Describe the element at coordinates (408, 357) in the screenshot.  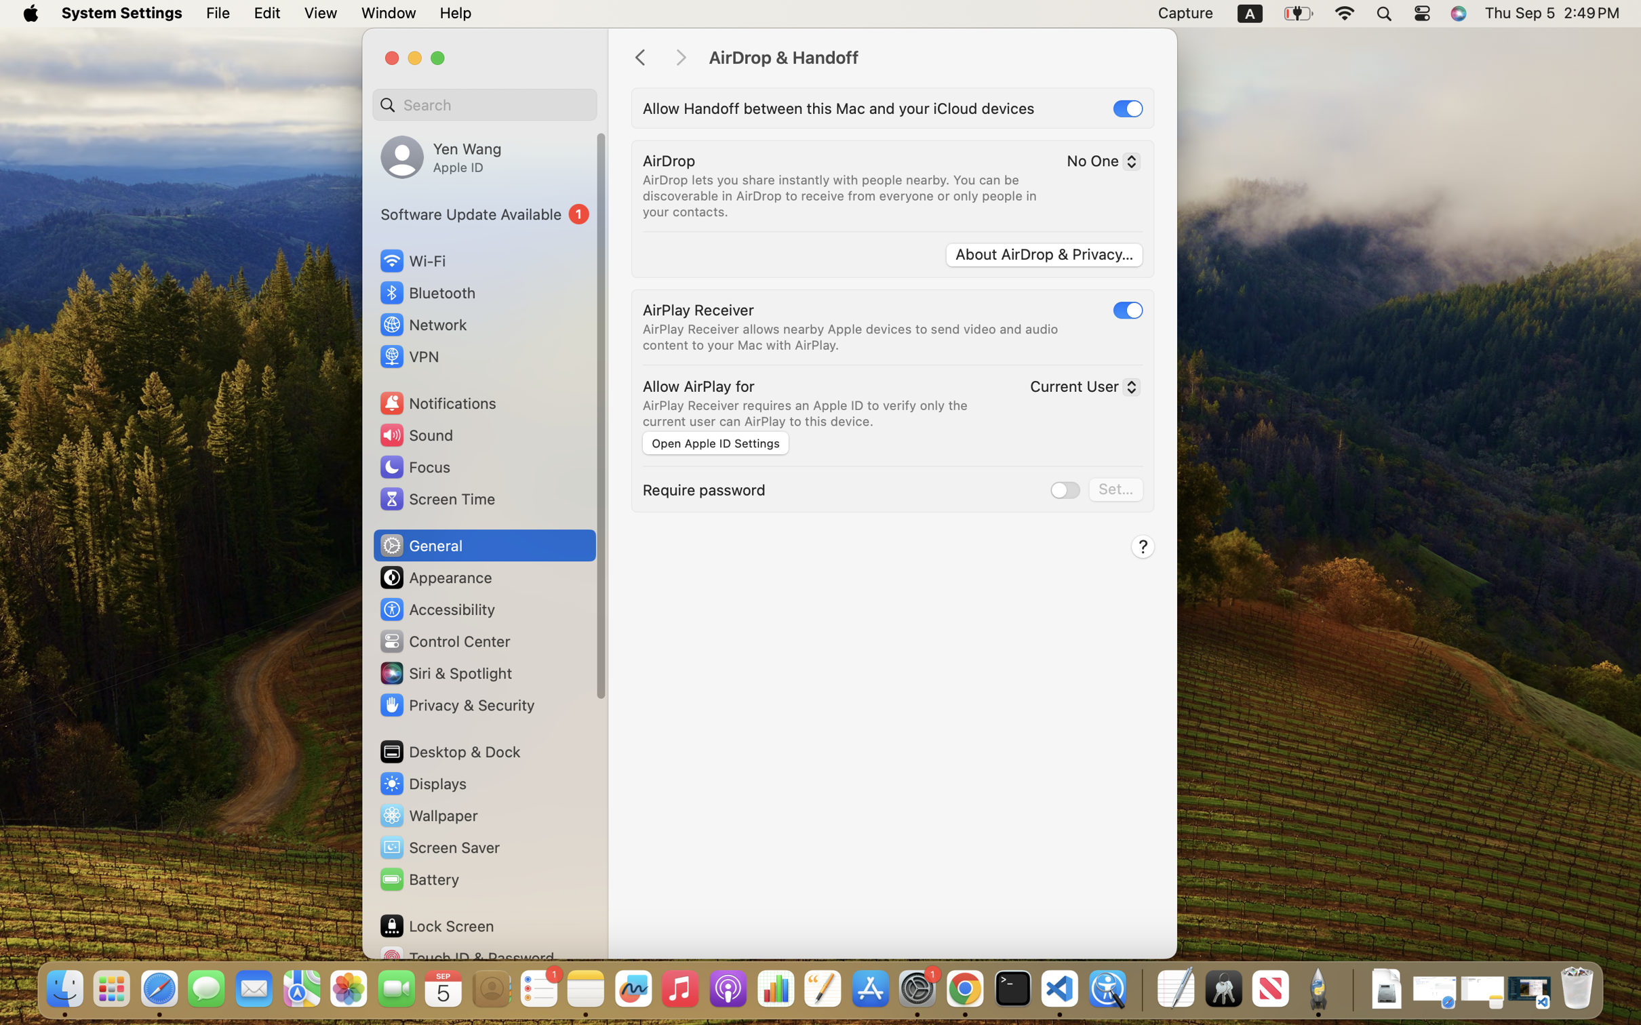
I see `'VPN'` at that location.